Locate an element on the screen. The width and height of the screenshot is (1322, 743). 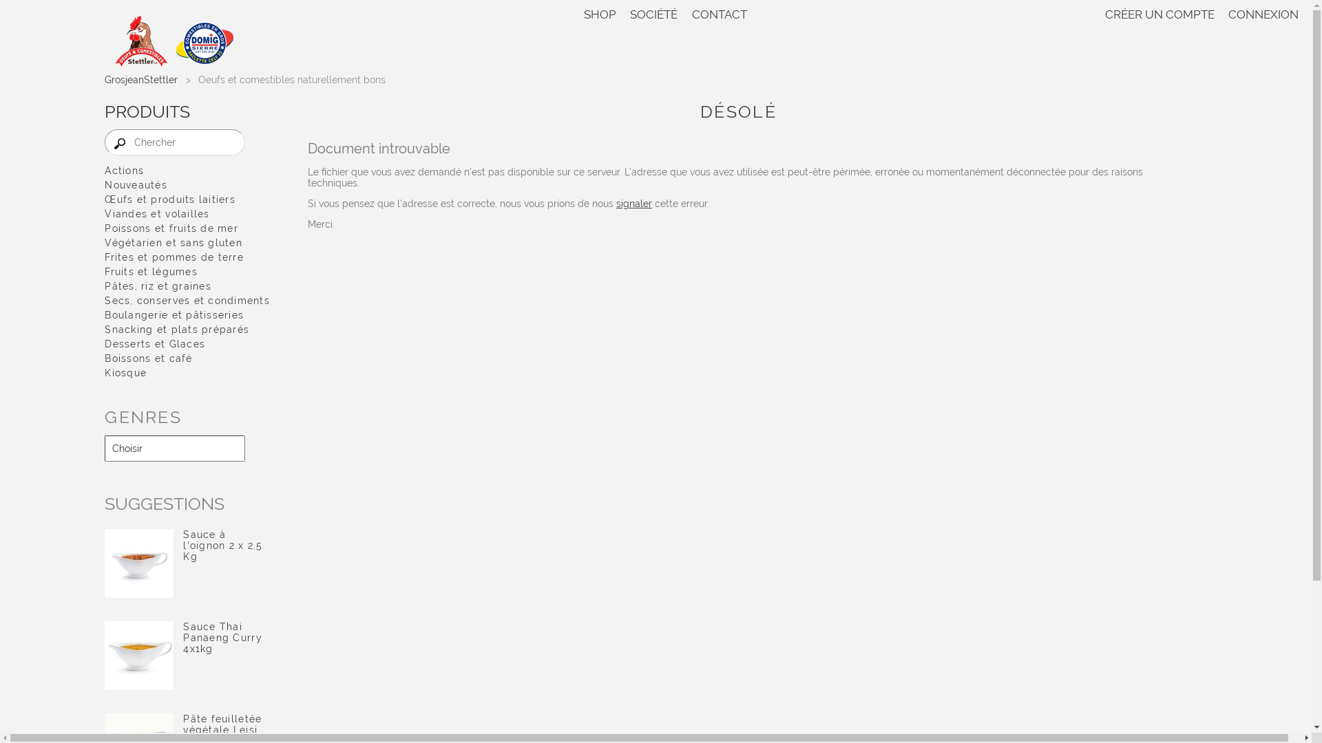
'Frites et pommes de terre' is located at coordinates (187, 257).